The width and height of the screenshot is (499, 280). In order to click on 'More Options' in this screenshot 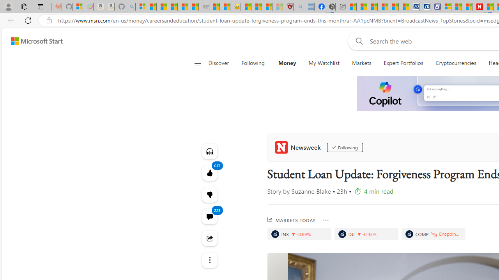, I will do `click(326, 220)`.